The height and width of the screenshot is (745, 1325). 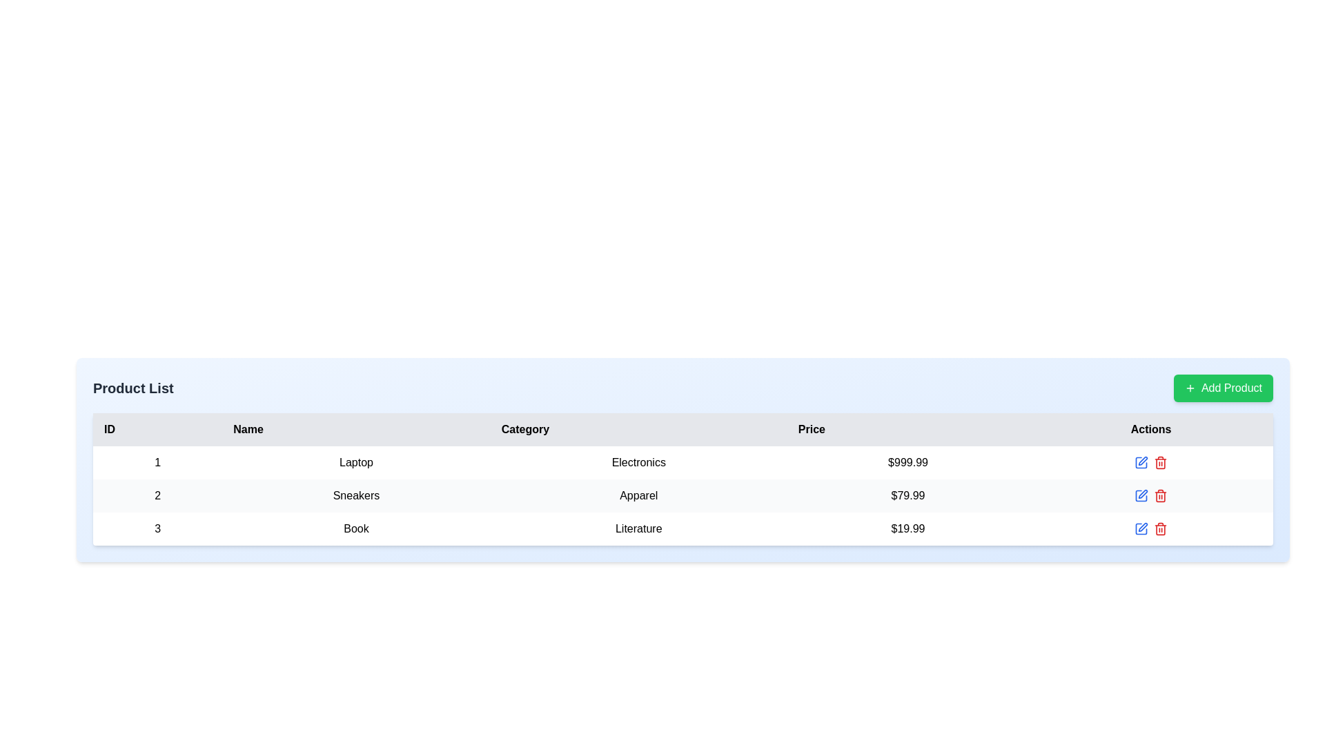 What do you see at coordinates (638, 495) in the screenshot?
I see `the static text element displaying 'Apparel' in the 'Category' column of the 'Product List' table` at bounding box center [638, 495].